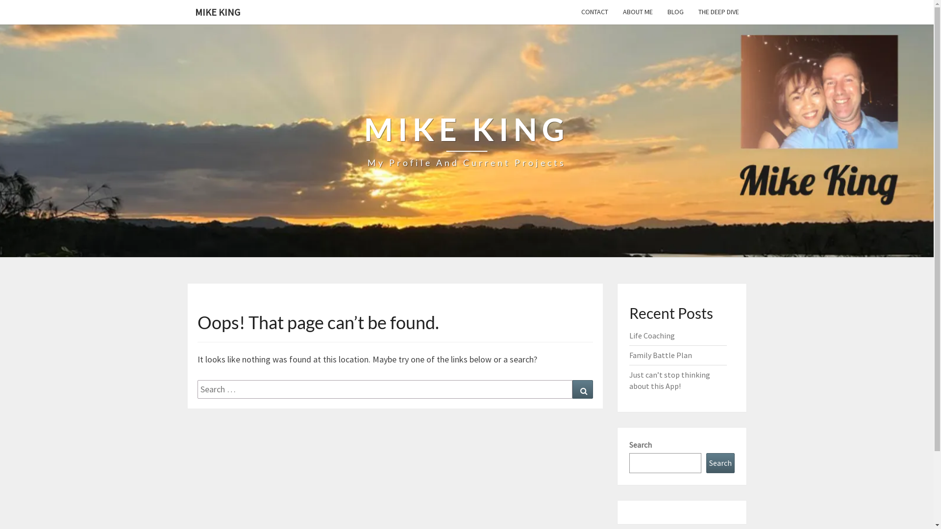  Describe the element at coordinates (594, 11) in the screenshot. I see `'CONTACT'` at that location.